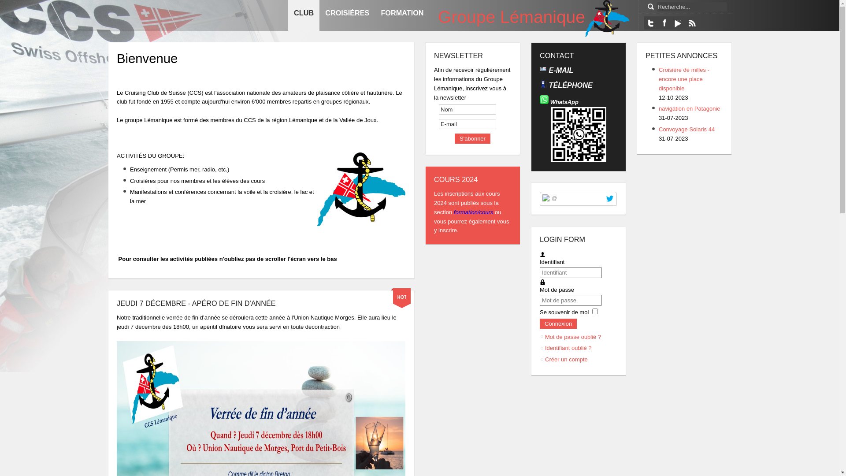 The width and height of the screenshot is (846, 476). I want to click on 'navigation en Patagonie', so click(689, 108).